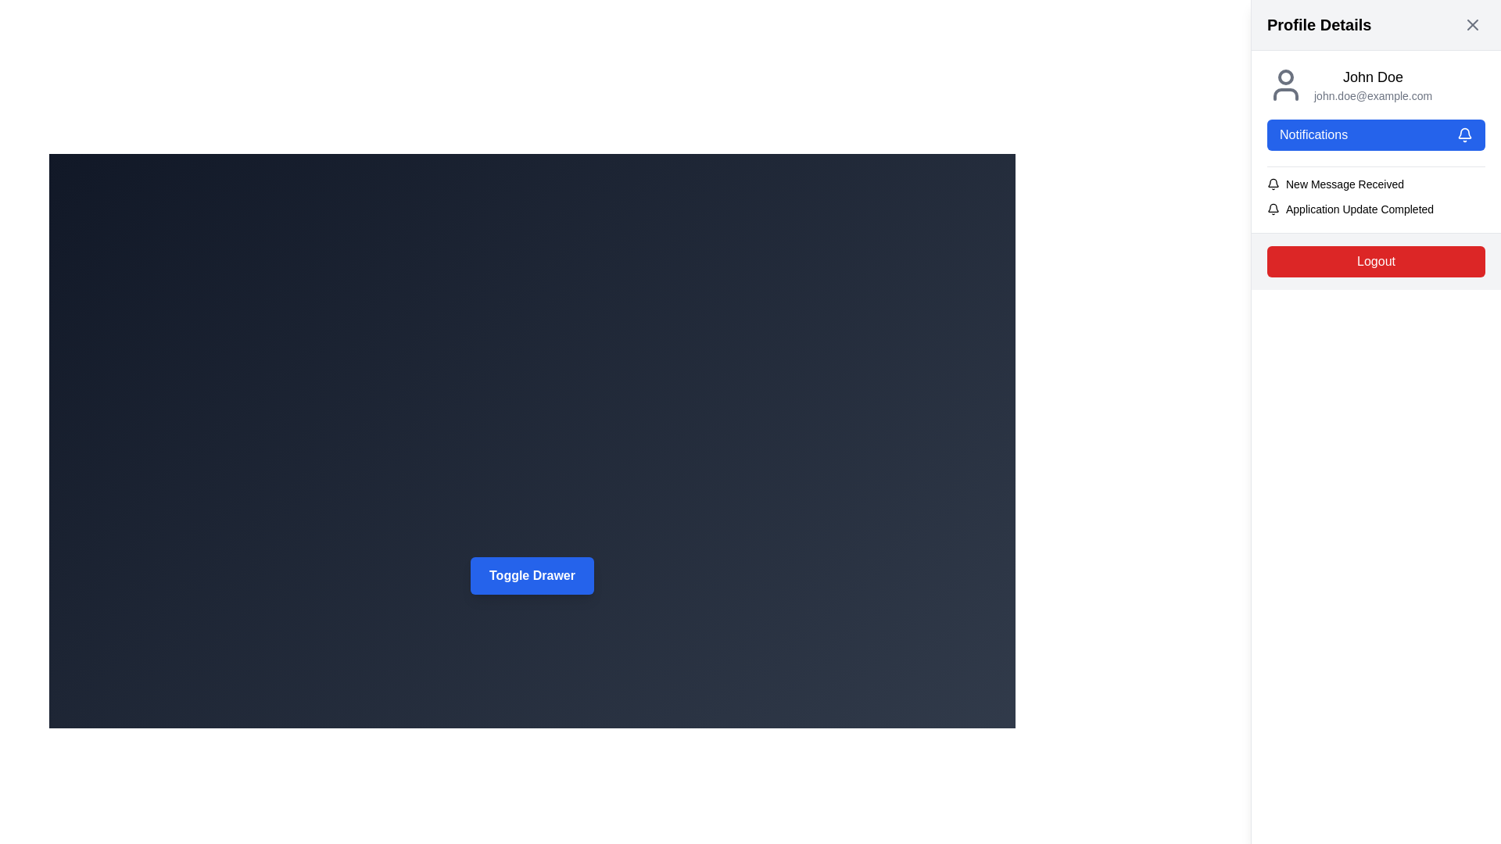 The height and width of the screenshot is (844, 1501). Describe the element at coordinates (1359, 208) in the screenshot. I see `text content of the notification label that says 'Application Update Completed', located in the notification panel under the profile section` at that location.